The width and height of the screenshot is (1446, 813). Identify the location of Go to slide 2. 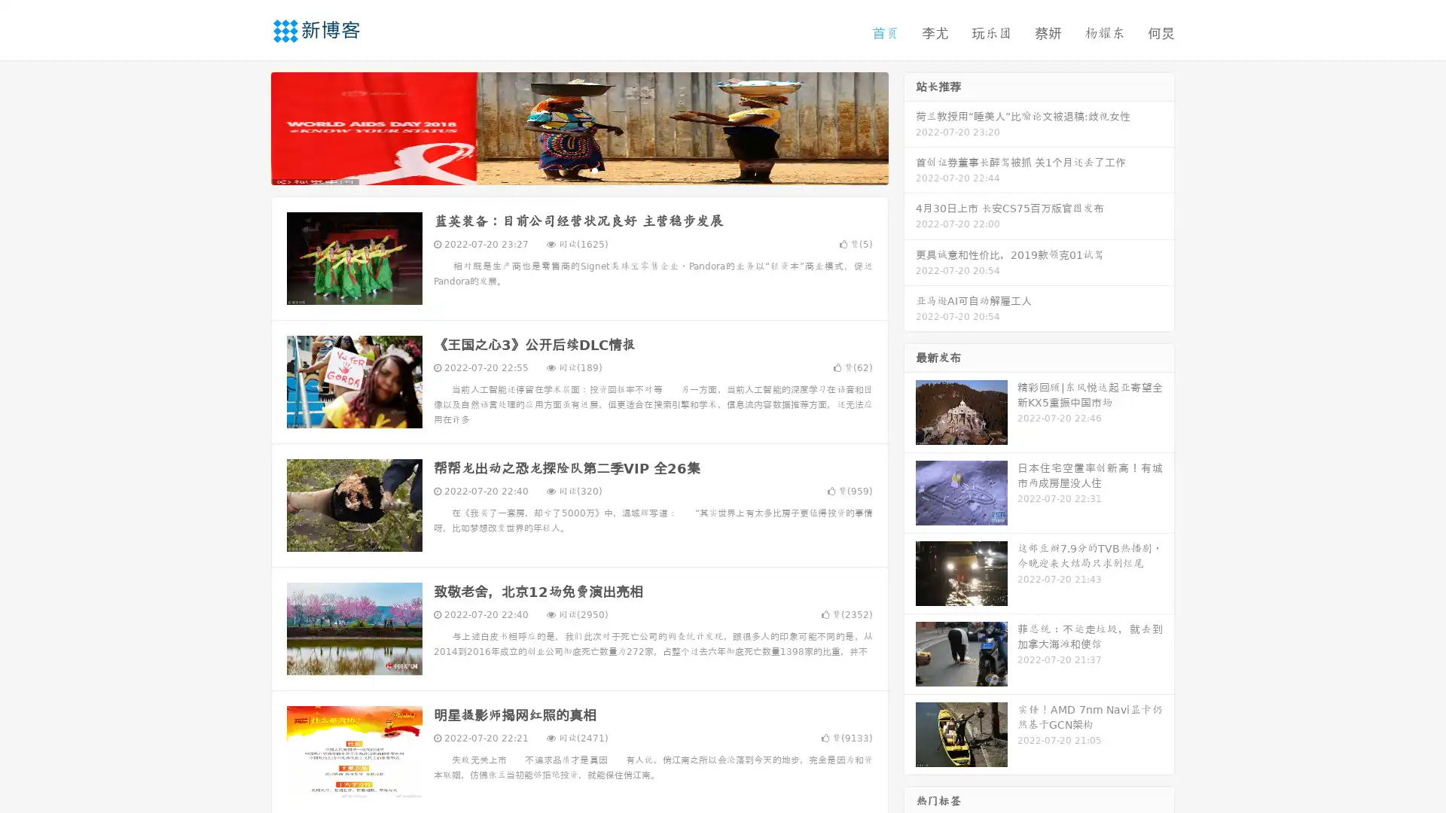
(578, 169).